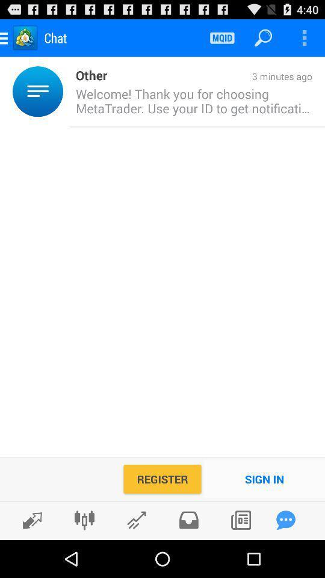 The image size is (325, 578). What do you see at coordinates (66, 91) in the screenshot?
I see `item to the left of other item` at bounding box center [66, 91].